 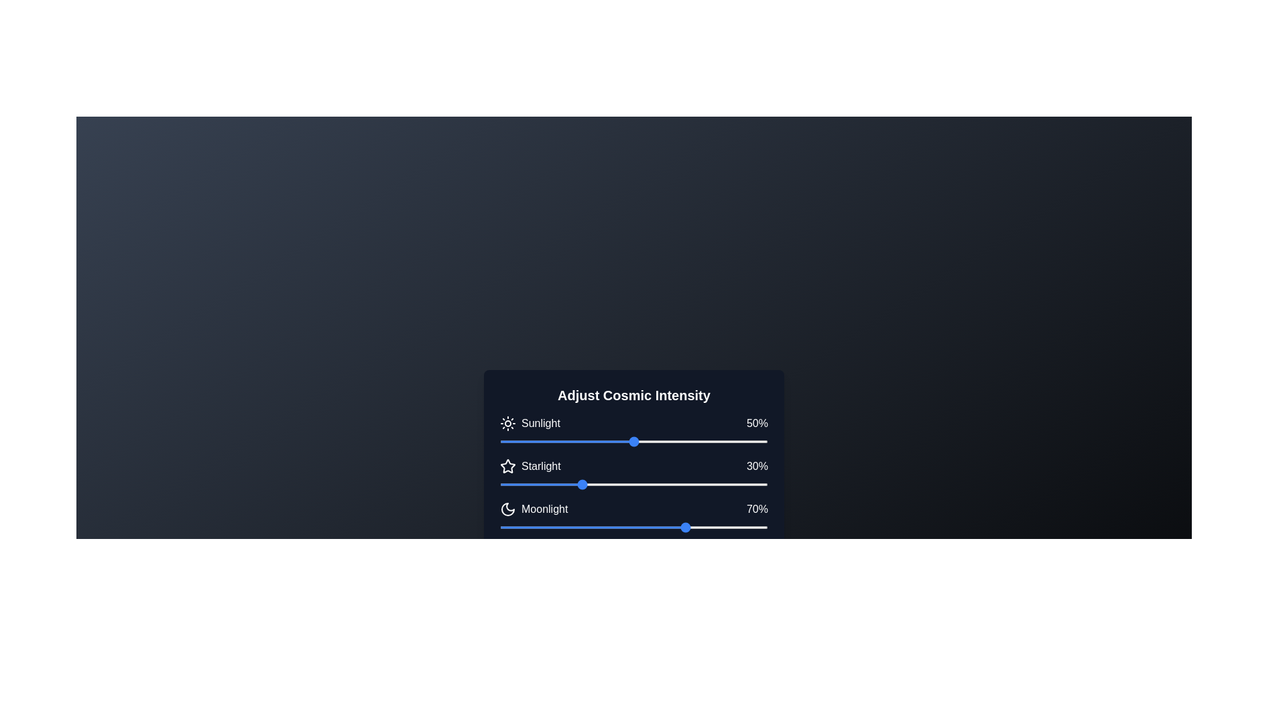 I want to click on the 'Starlight' slider to 54% intensity, so click(x=644, y=484).